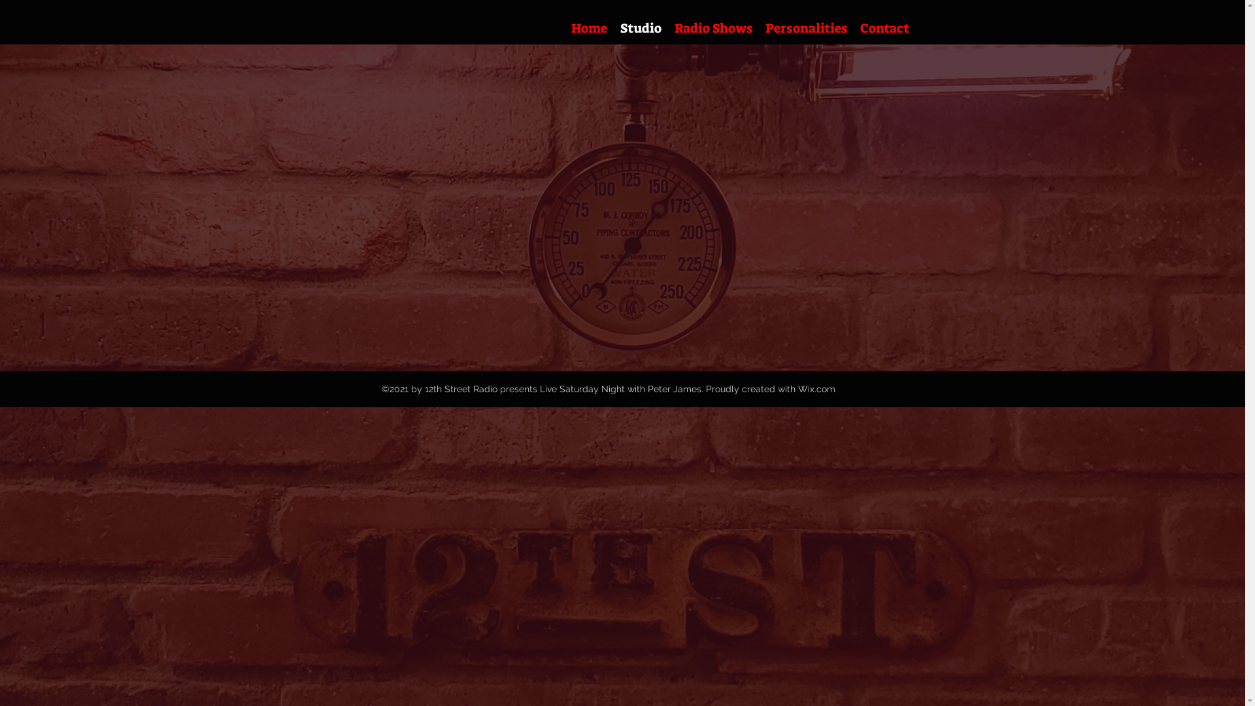  I want to click on 'Personalities', so click(758, 27).